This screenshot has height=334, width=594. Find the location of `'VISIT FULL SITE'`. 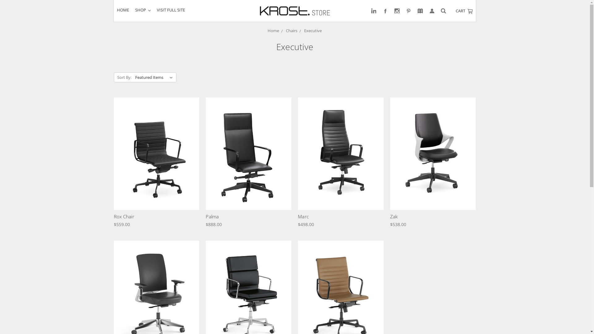

'VISIT FULL SITE' is located at coordinates (171, 10).